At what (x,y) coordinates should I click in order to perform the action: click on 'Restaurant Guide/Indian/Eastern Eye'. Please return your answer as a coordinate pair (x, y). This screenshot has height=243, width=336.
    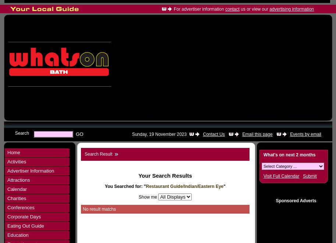
    Looking at the image, I should click on (184, 186).